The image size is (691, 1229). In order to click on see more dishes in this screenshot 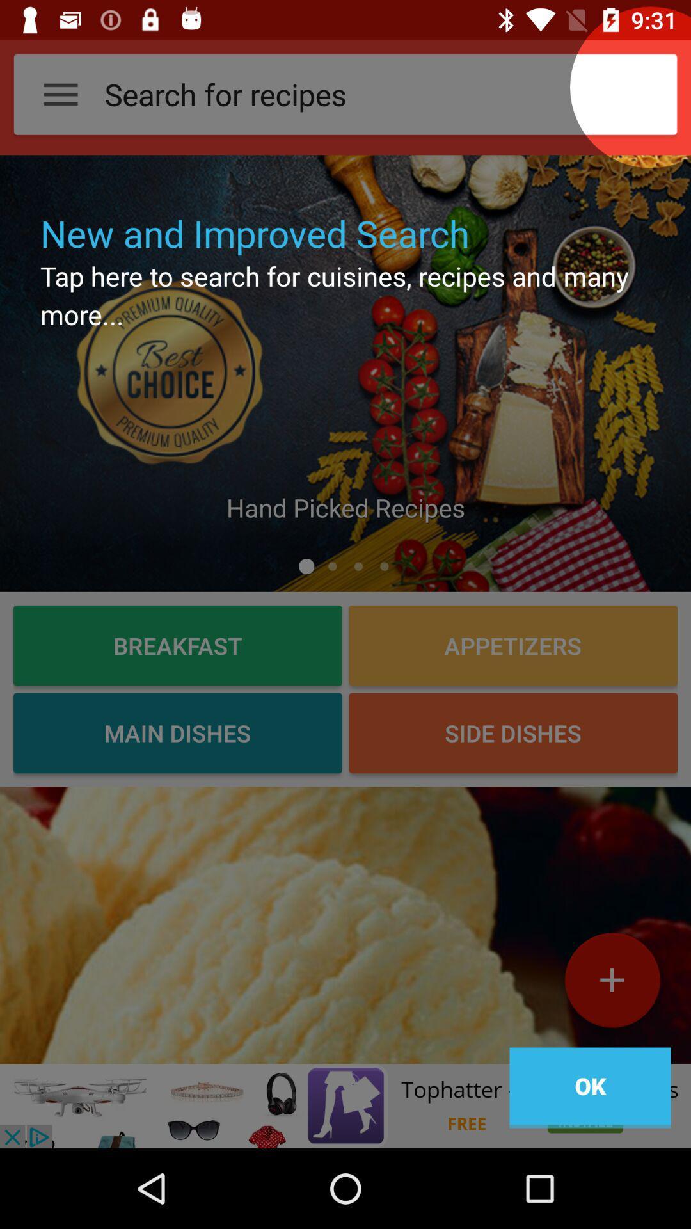, I will do `click(345, 925)`.